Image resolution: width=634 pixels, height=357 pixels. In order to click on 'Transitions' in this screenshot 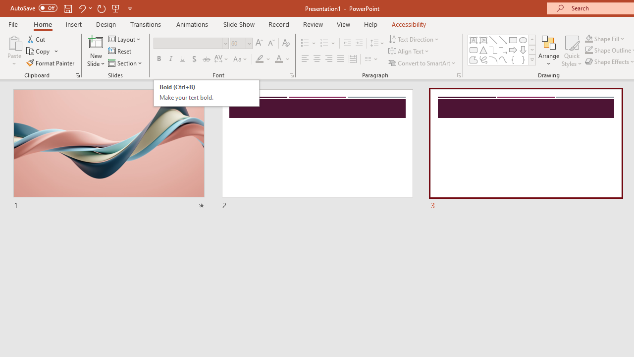, I will do `click(146, 24)`.